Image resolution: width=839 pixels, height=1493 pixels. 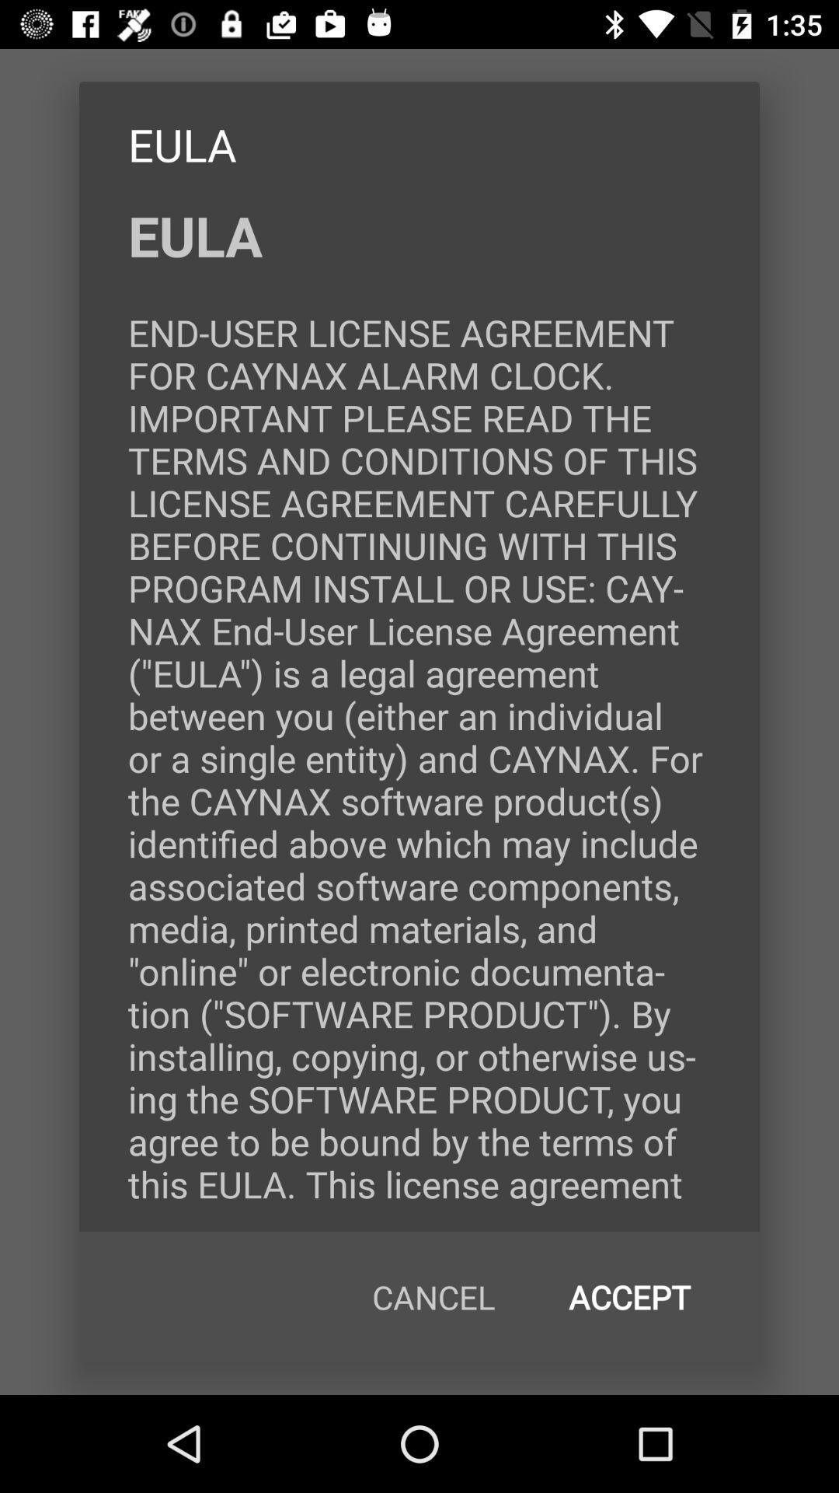 I want to click on icon to the left of accept icon, so click(x=433, y=1297).